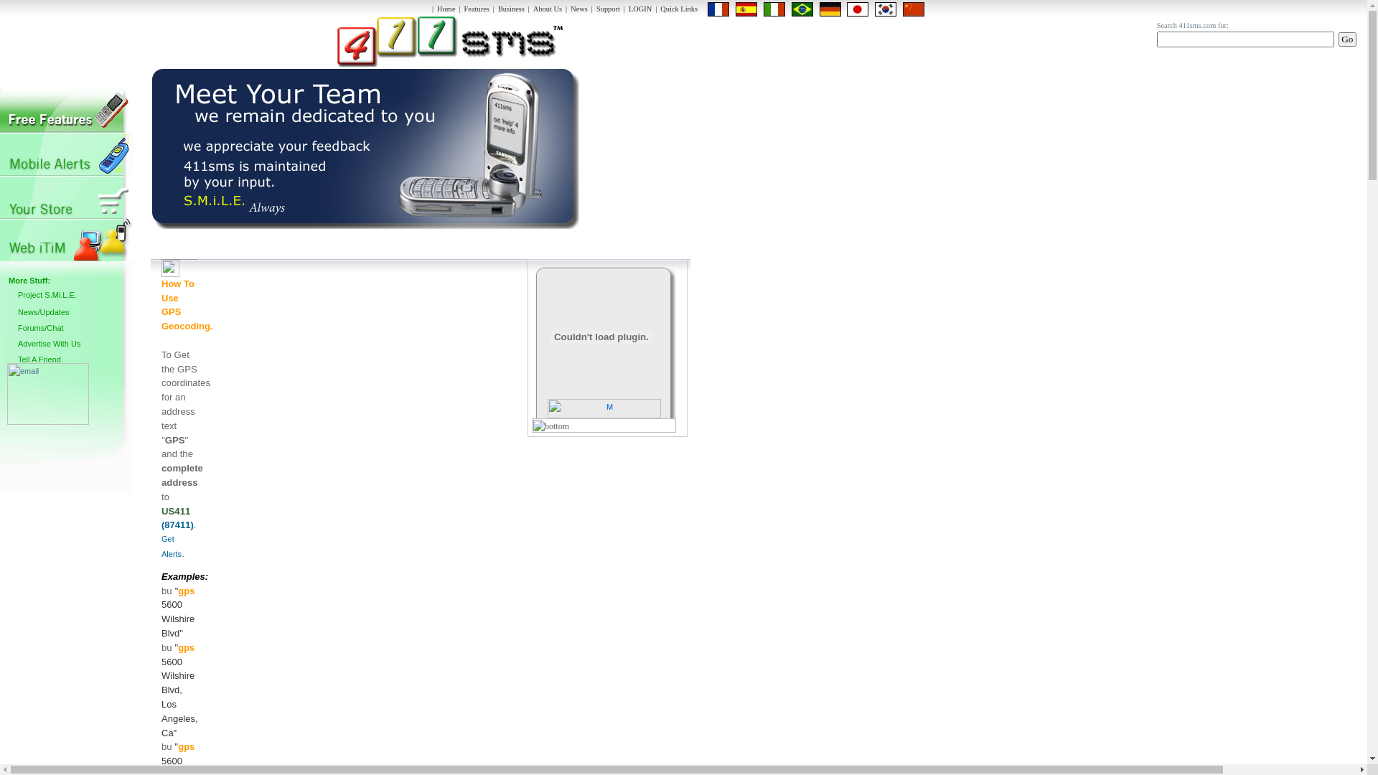  Describe the element at coordinates (75, 329) in the screenshot. I see `'Forums/Chat'` at that location.